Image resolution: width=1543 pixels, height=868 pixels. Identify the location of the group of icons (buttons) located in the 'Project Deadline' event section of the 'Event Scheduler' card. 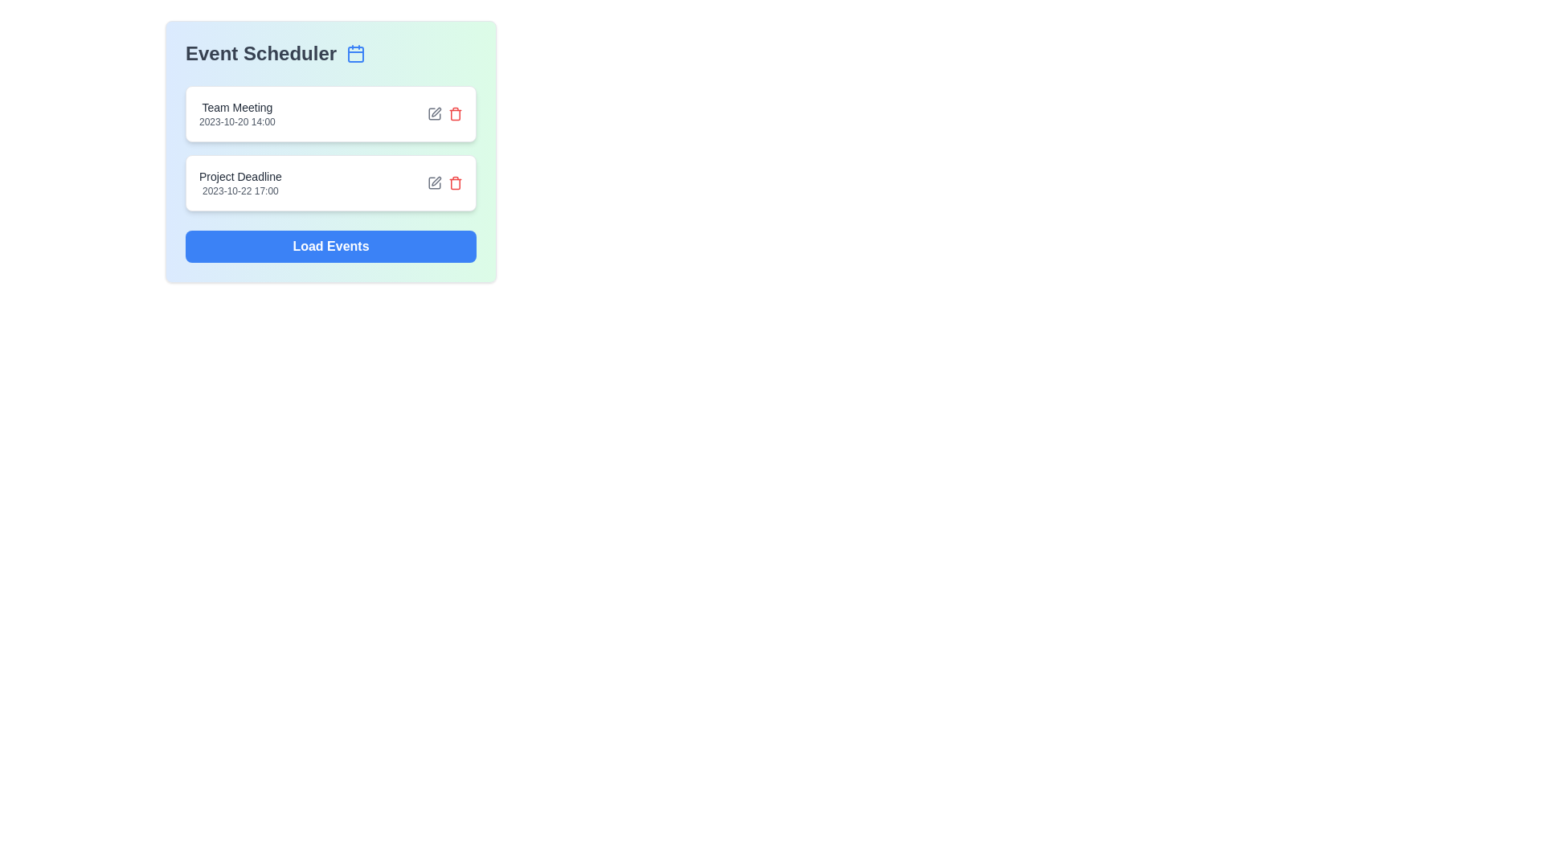
(444, 182).